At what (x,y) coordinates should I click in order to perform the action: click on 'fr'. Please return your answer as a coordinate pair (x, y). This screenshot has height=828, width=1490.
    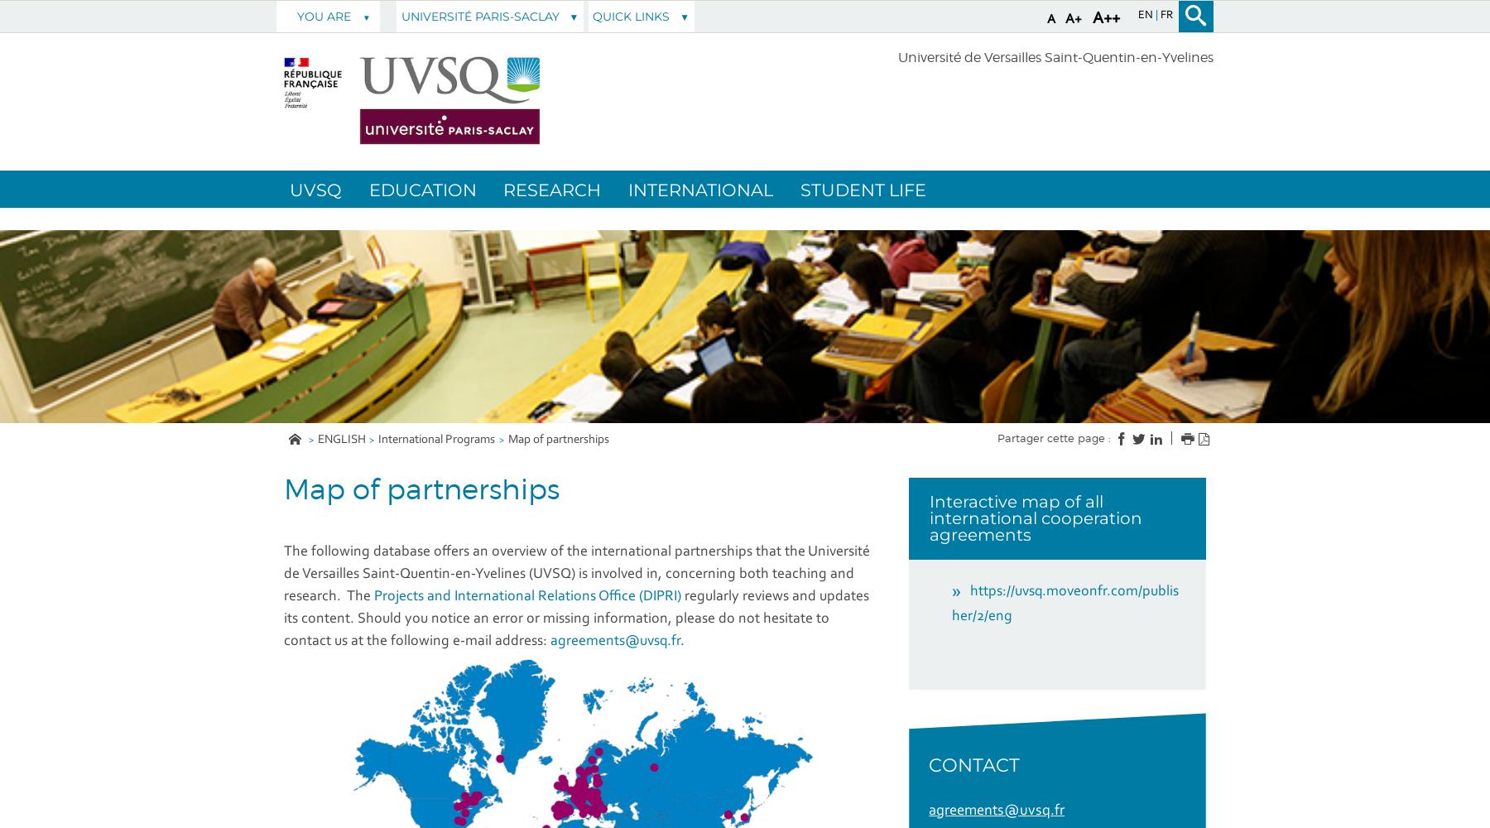
    Looking at the image, I should click on (1158, 16).